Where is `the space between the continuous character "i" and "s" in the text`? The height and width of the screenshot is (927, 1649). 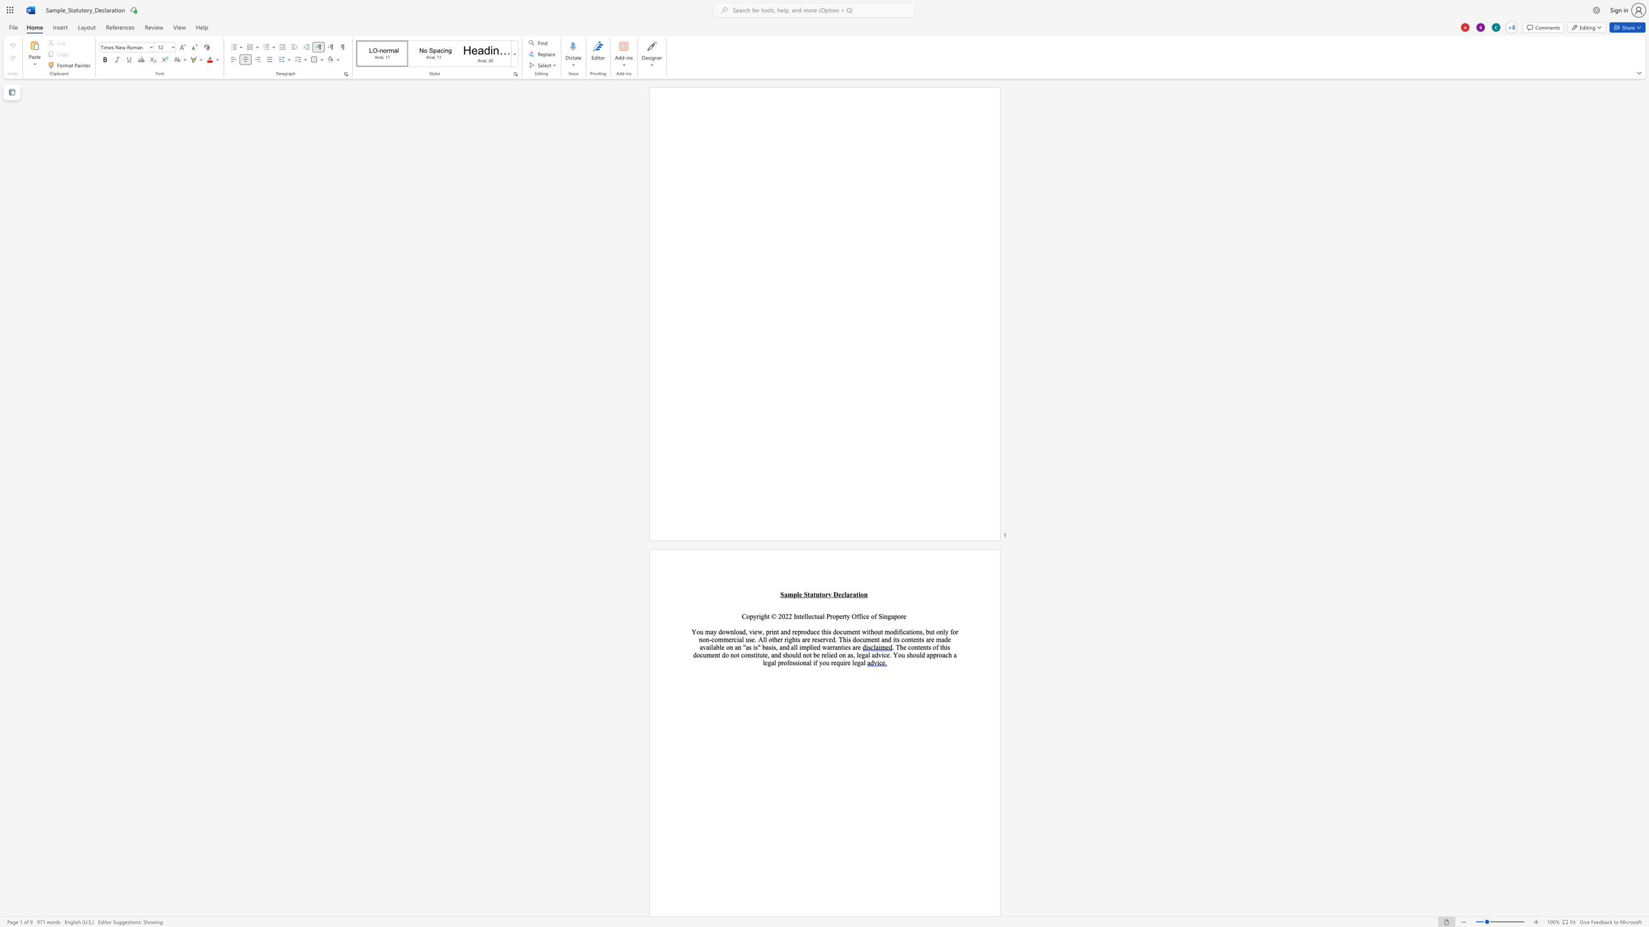
the space between the continuous character "i" and "s" in the text is located at coordinates (947, 646).